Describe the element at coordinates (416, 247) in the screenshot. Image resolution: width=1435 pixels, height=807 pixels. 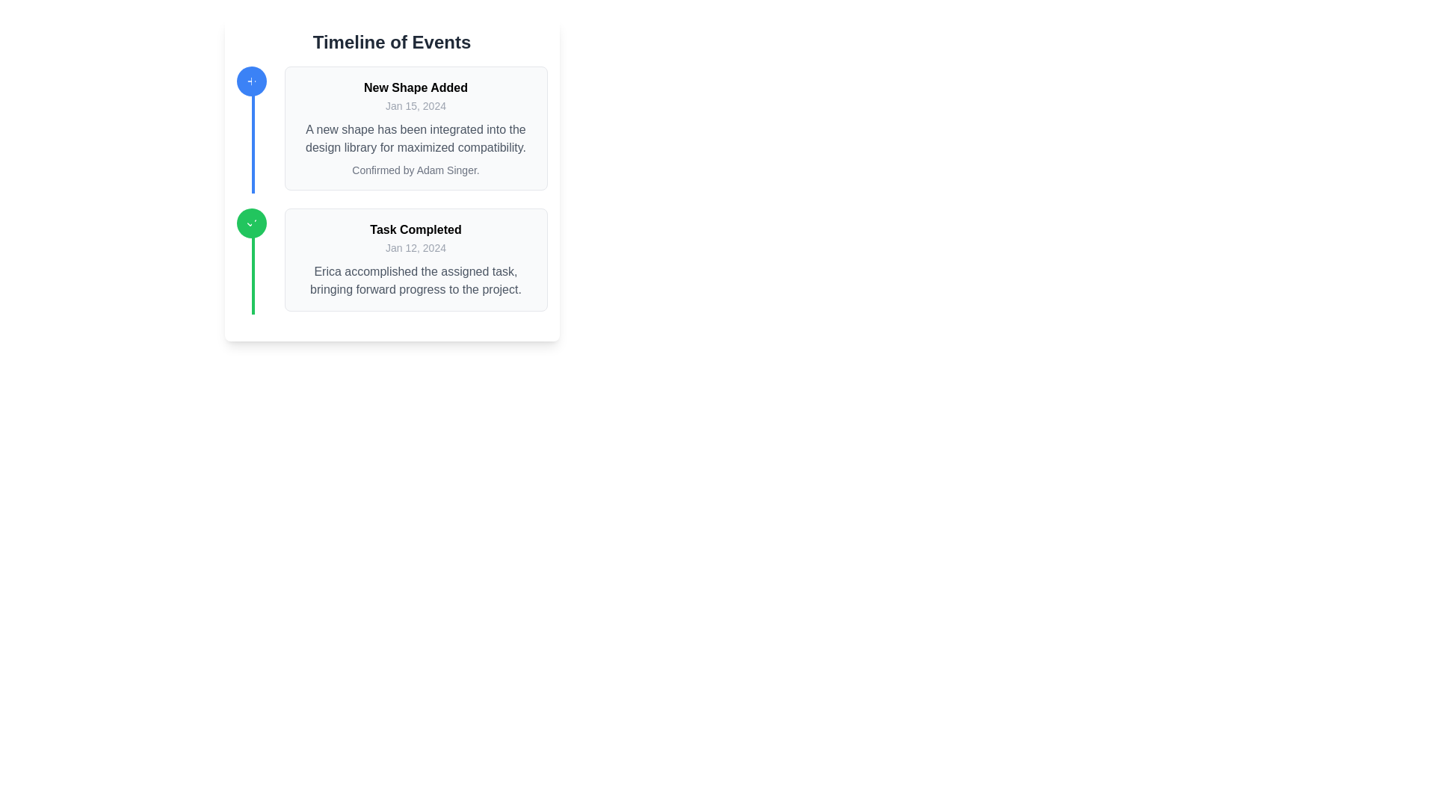
I see `the Text label that acts as a timestamp or date label, located below the 'Task Completed' heading and above the description text in the middle-right region of the layout` at that location.